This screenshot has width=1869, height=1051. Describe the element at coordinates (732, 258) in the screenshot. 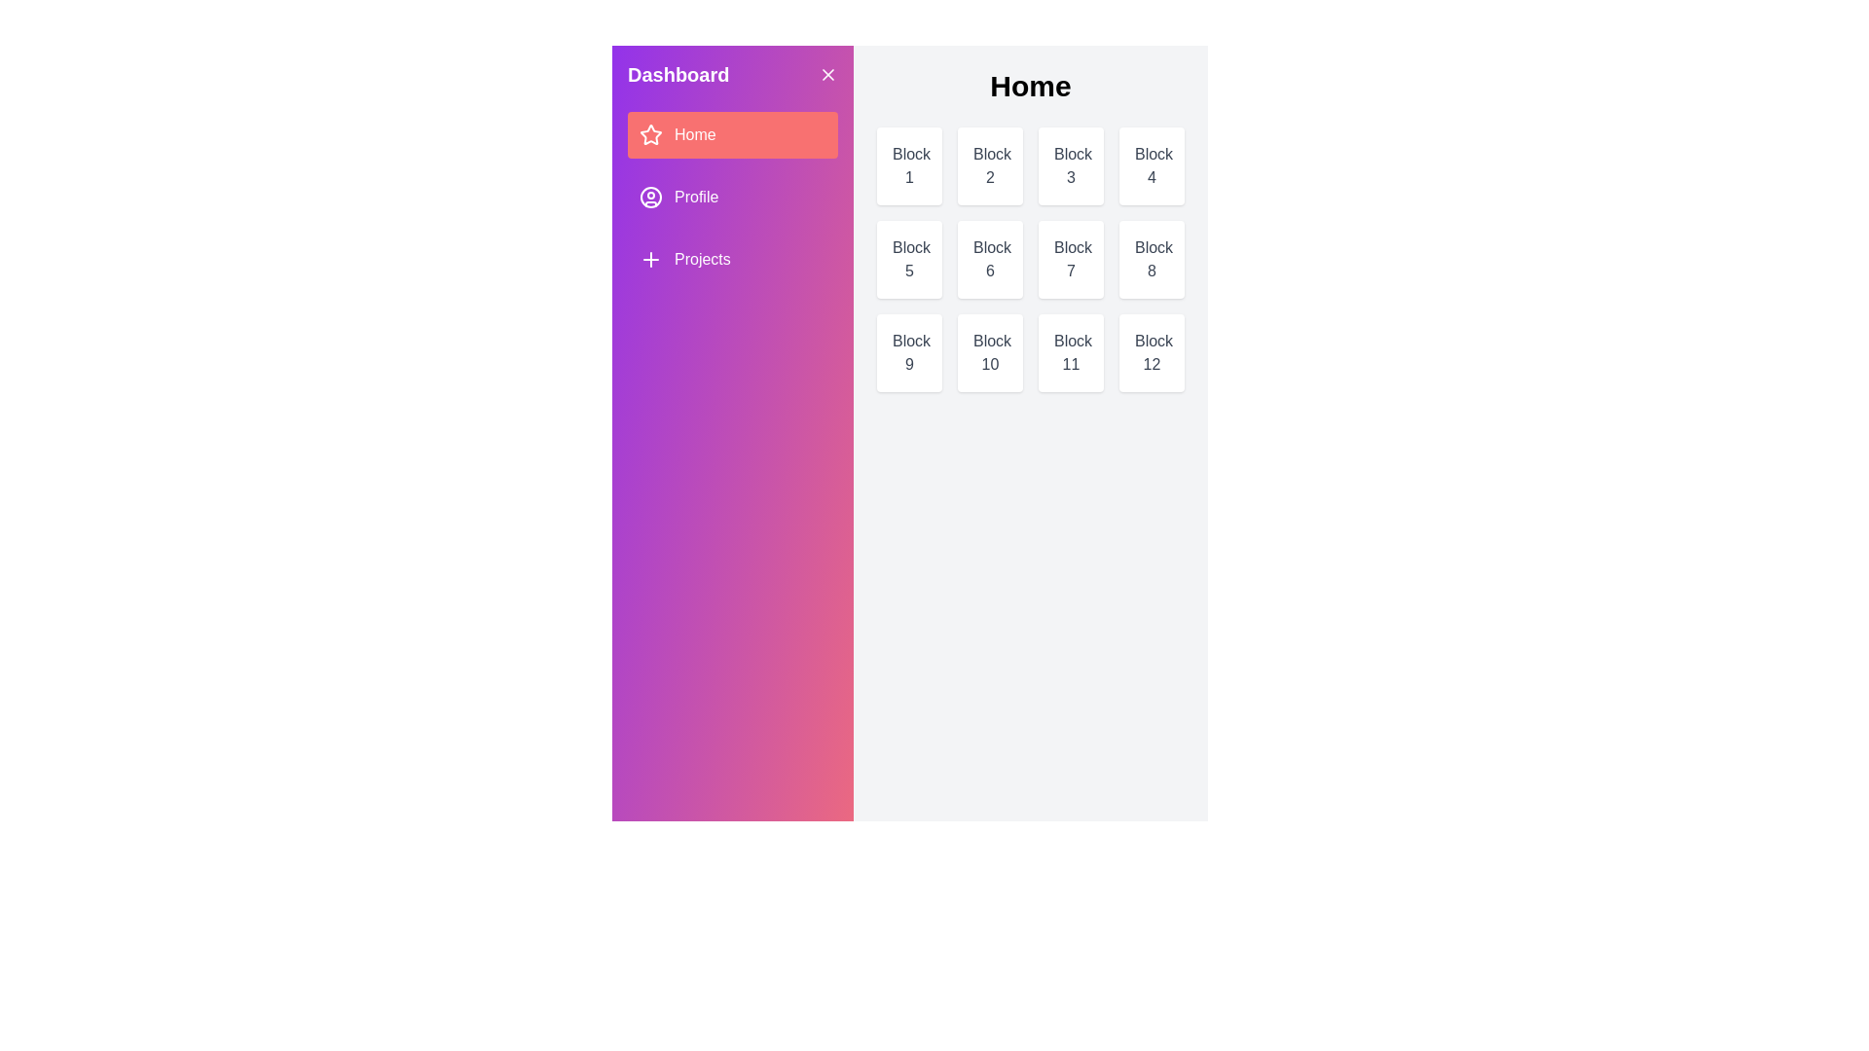

I see `the menu item corresponding to Projects to navigate to that section` at that location.